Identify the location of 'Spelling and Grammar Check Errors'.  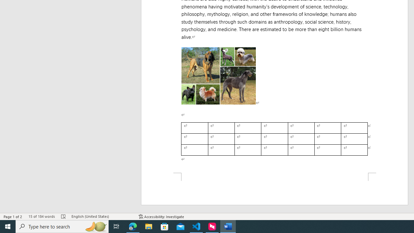
(63, 216).